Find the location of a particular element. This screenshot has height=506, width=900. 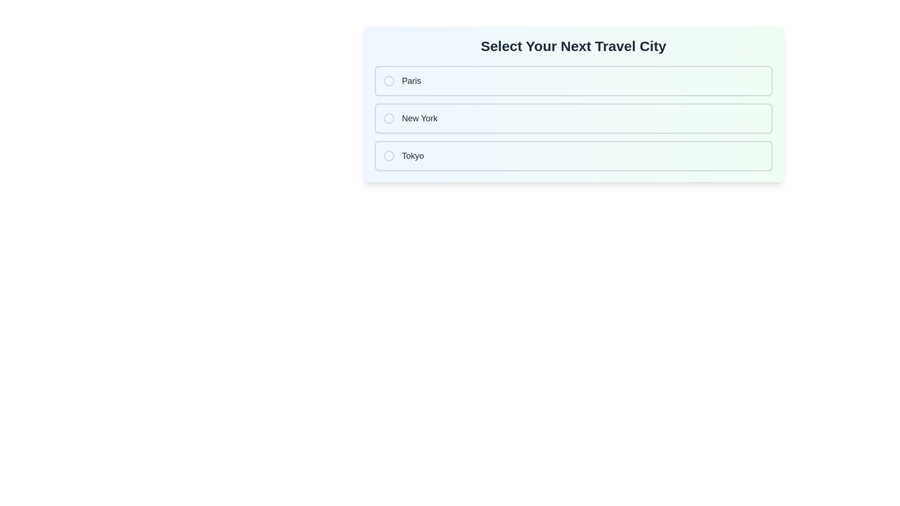

the circle icon with a gray border located to the left of the text 'Paris' in the radio button group labeled 'Select Your Next Travel City' is located at coordinates (389, 81).